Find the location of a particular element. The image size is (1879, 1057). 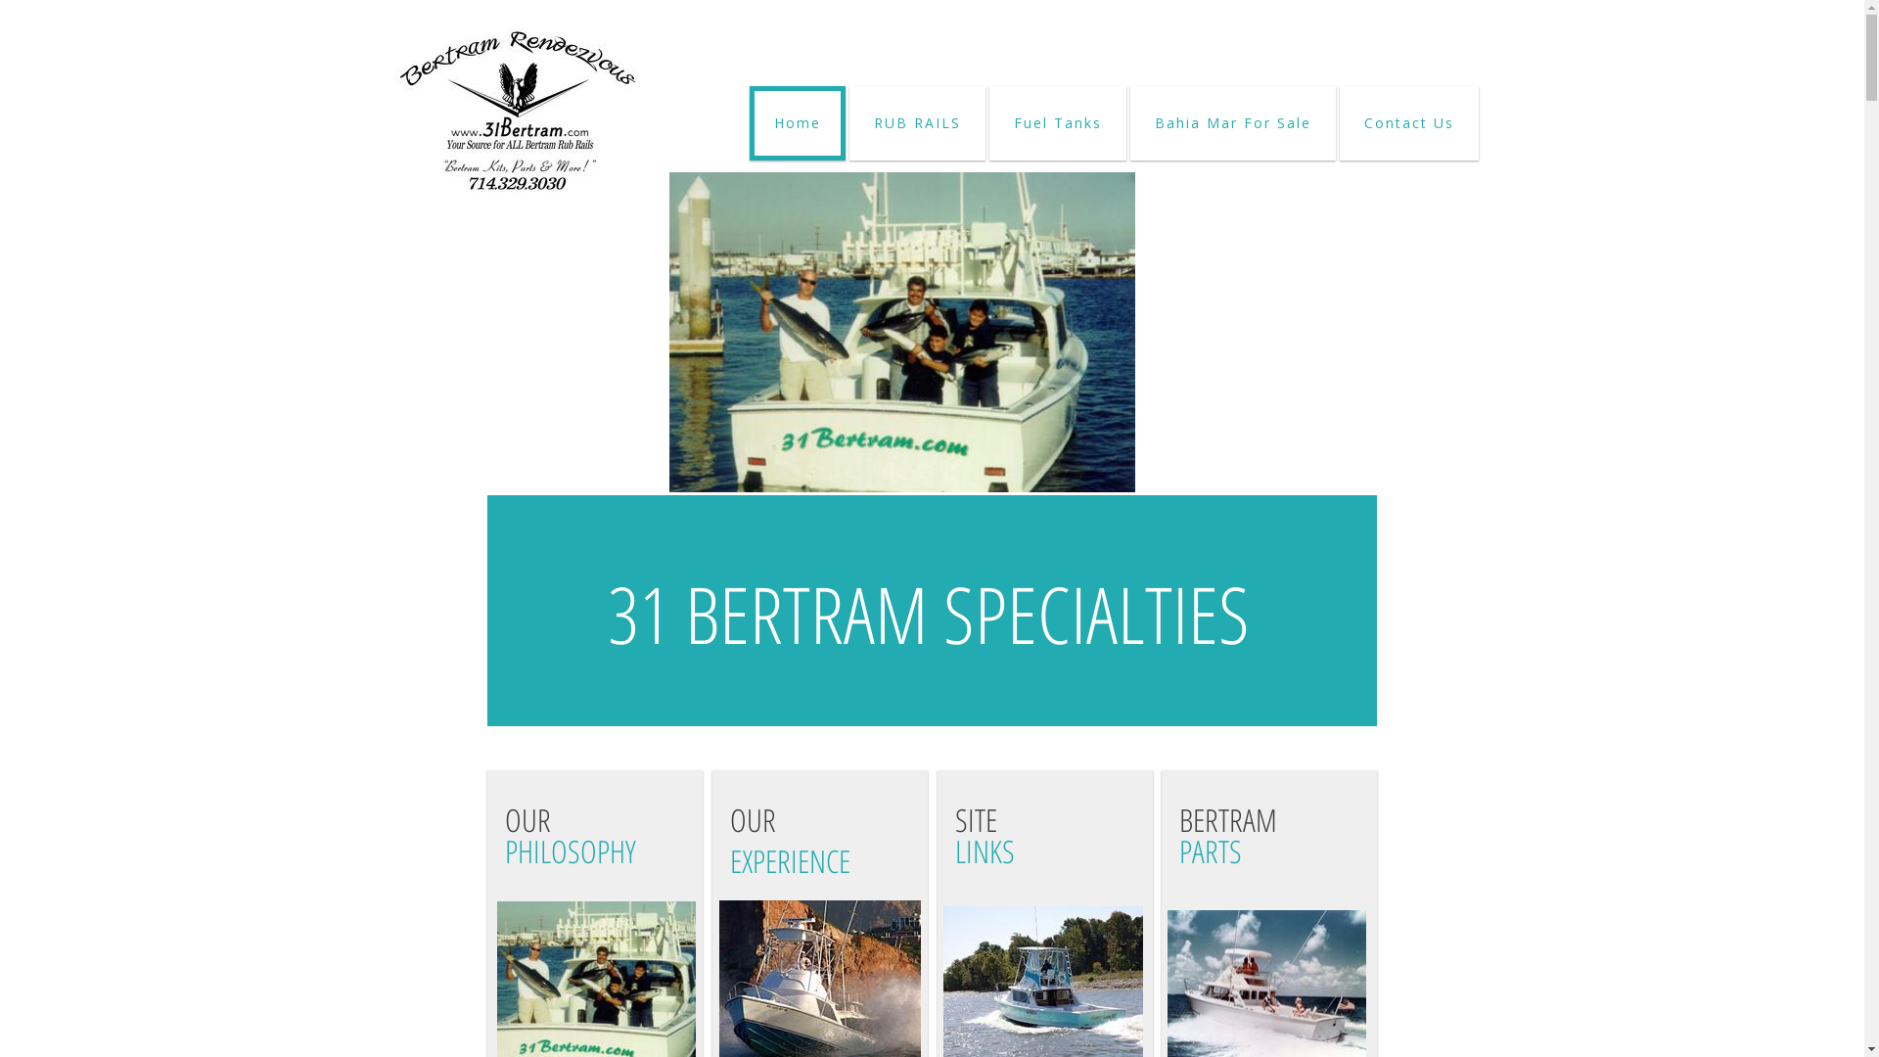

'Home' is located at coordinates (749, 123).